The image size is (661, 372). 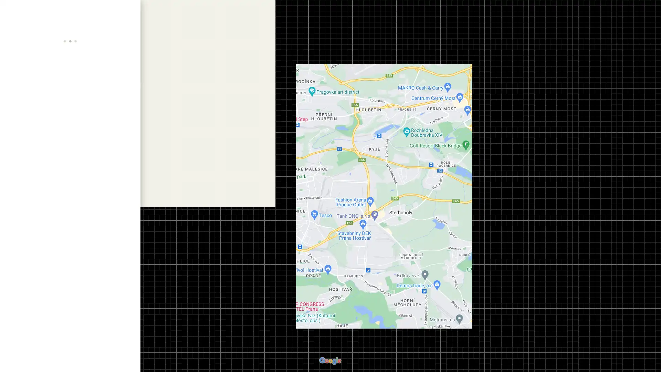 What do you see at coordinates (118, 214) in the screenshot?
I see `Copy plus code` at bounding box center [118, 214].